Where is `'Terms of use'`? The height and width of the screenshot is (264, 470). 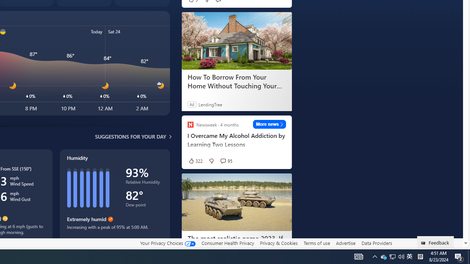 'Terms of use' is located at coordinates (317, 243).